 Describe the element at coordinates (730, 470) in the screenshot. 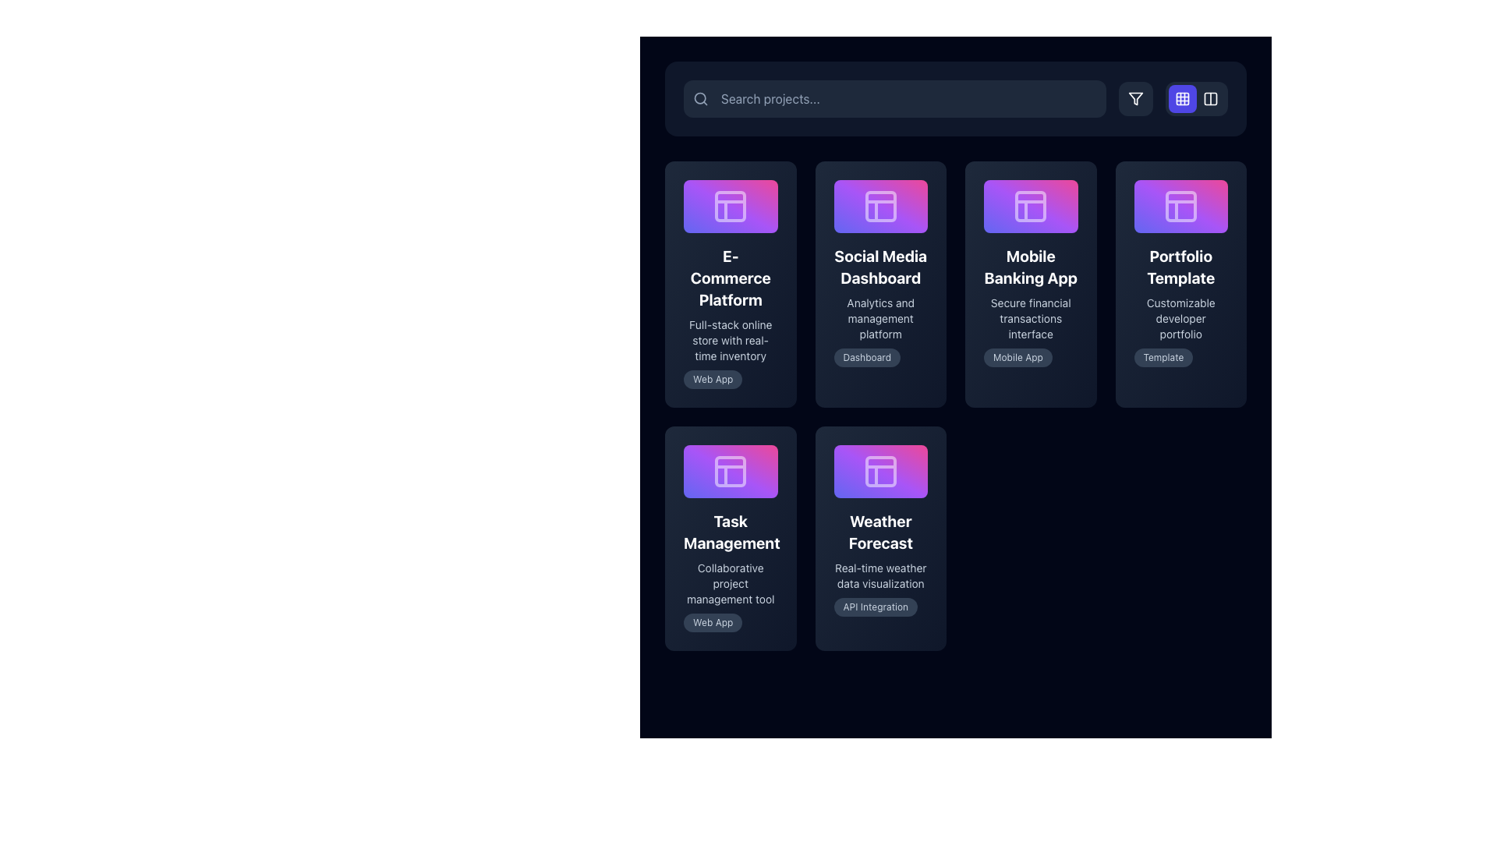

I see `the icon resembling a panel layout graphic, which features a white outline and a gradient background transitioning from purple to pink, located in the lower row and left column of the grid layout` at that location.